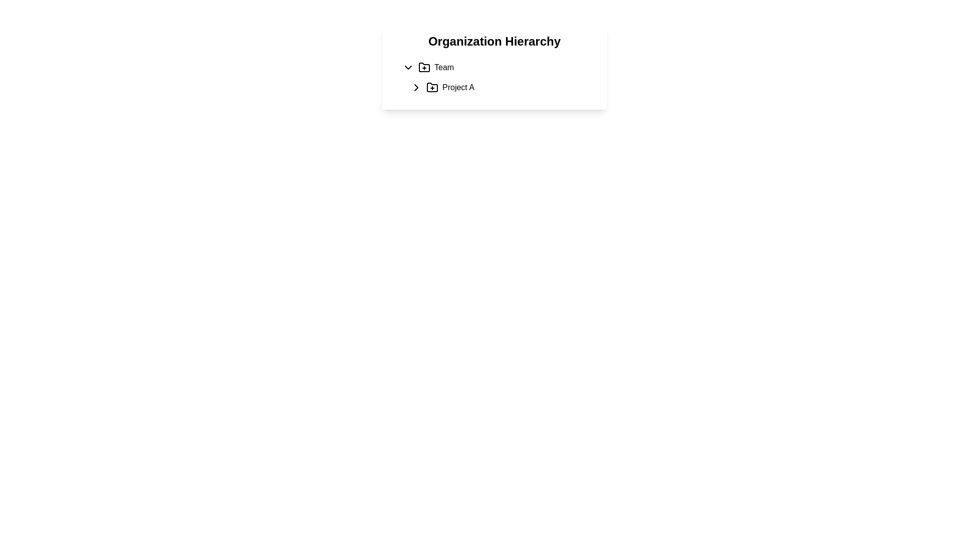 This screenshot has height=541, width=962. I want to click on the 'Project A' list item within the hierarchical tree structure to focus on it, so click(498, 77).